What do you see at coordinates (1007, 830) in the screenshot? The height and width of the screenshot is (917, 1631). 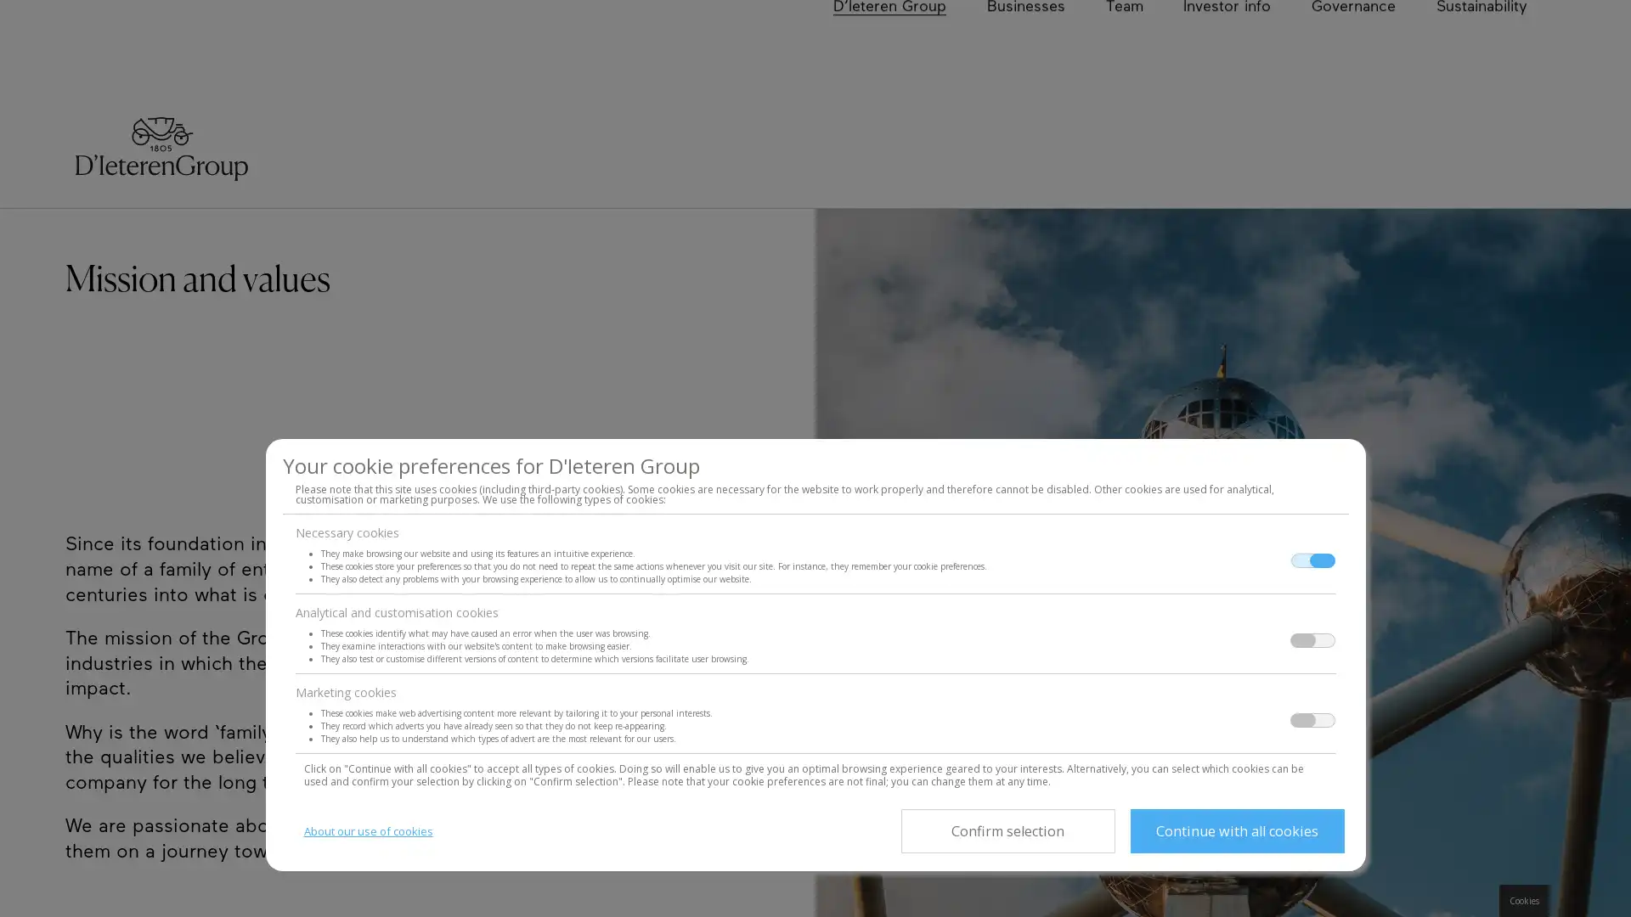 I see `Save Consent Preferences` at bounding box center [1007, 830].